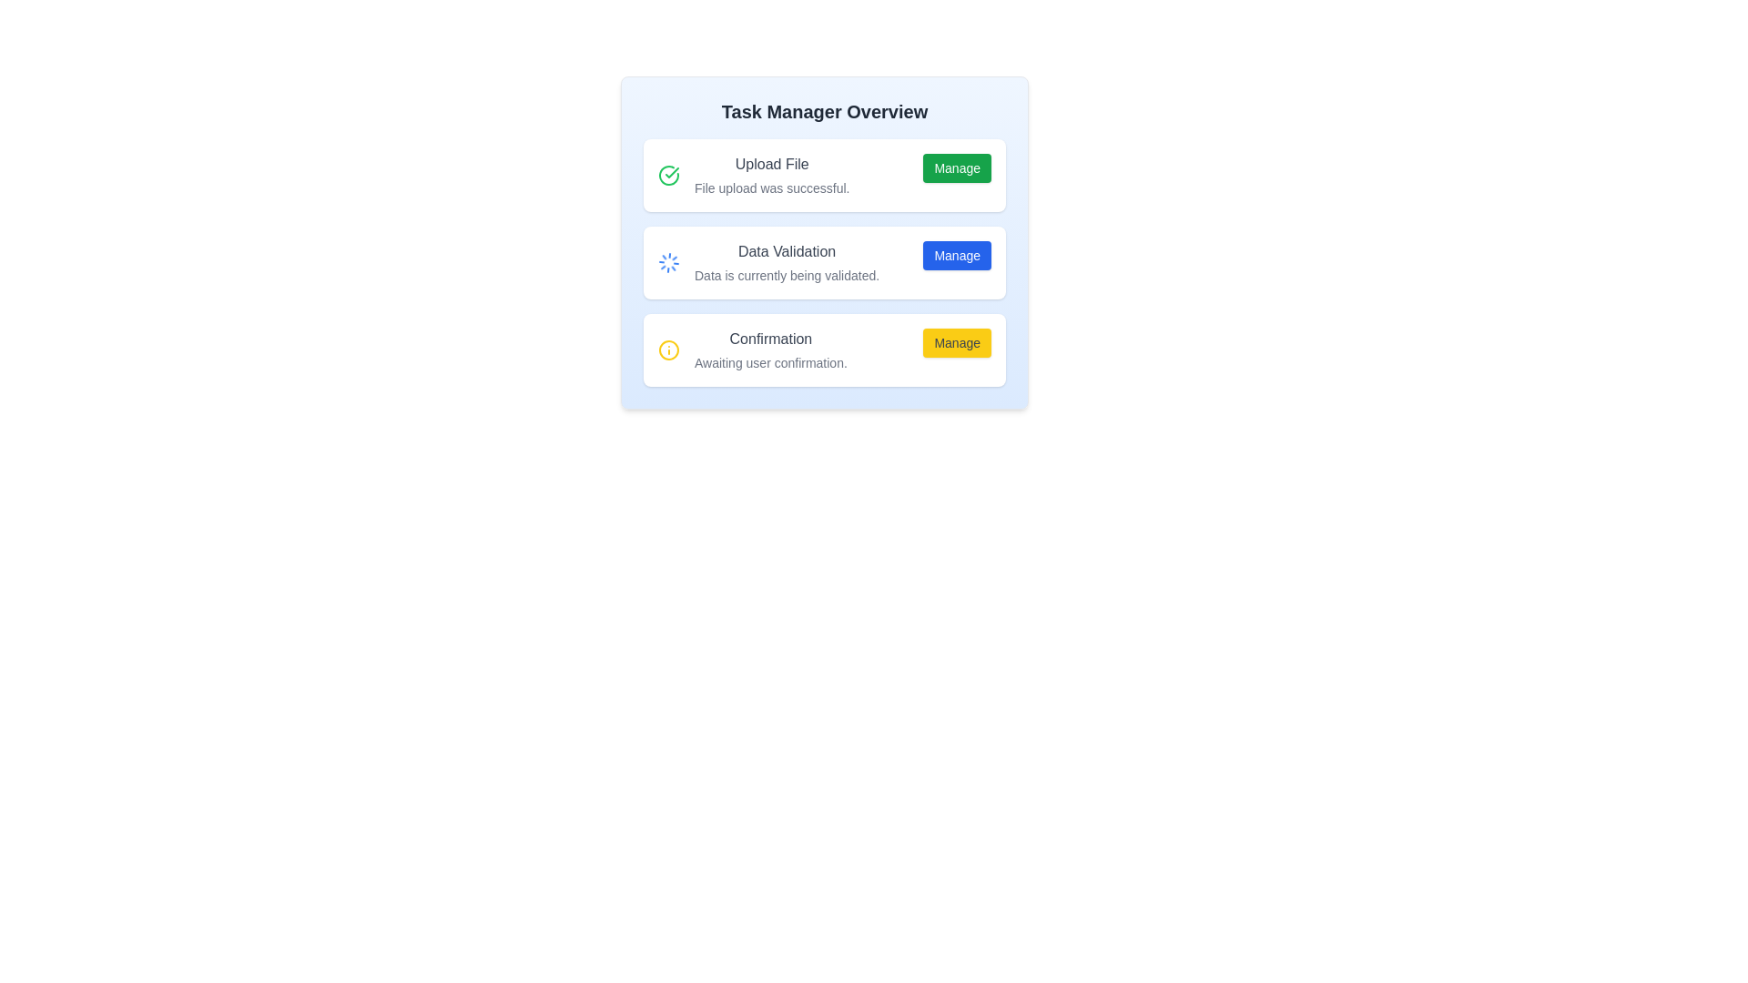  What do you see at coordinates (772, 175) in the screenshot?
I see `the Text label displaying the file upload status, which is centrally located at the topmost section of the list, next to an icon and a green 'Manage' button` at bounding box center [772, 175].